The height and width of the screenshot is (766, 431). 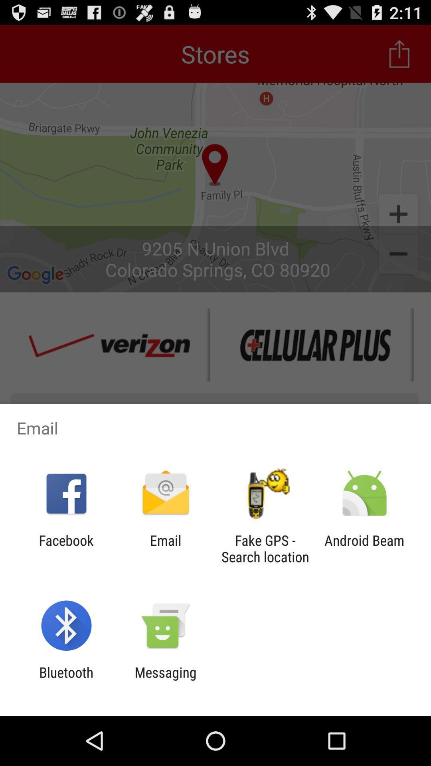 What do you see at coordinates (165, 680) in the screenshot?
I see `the item next to the bluetooth icon` at bounding box center [165, 680].